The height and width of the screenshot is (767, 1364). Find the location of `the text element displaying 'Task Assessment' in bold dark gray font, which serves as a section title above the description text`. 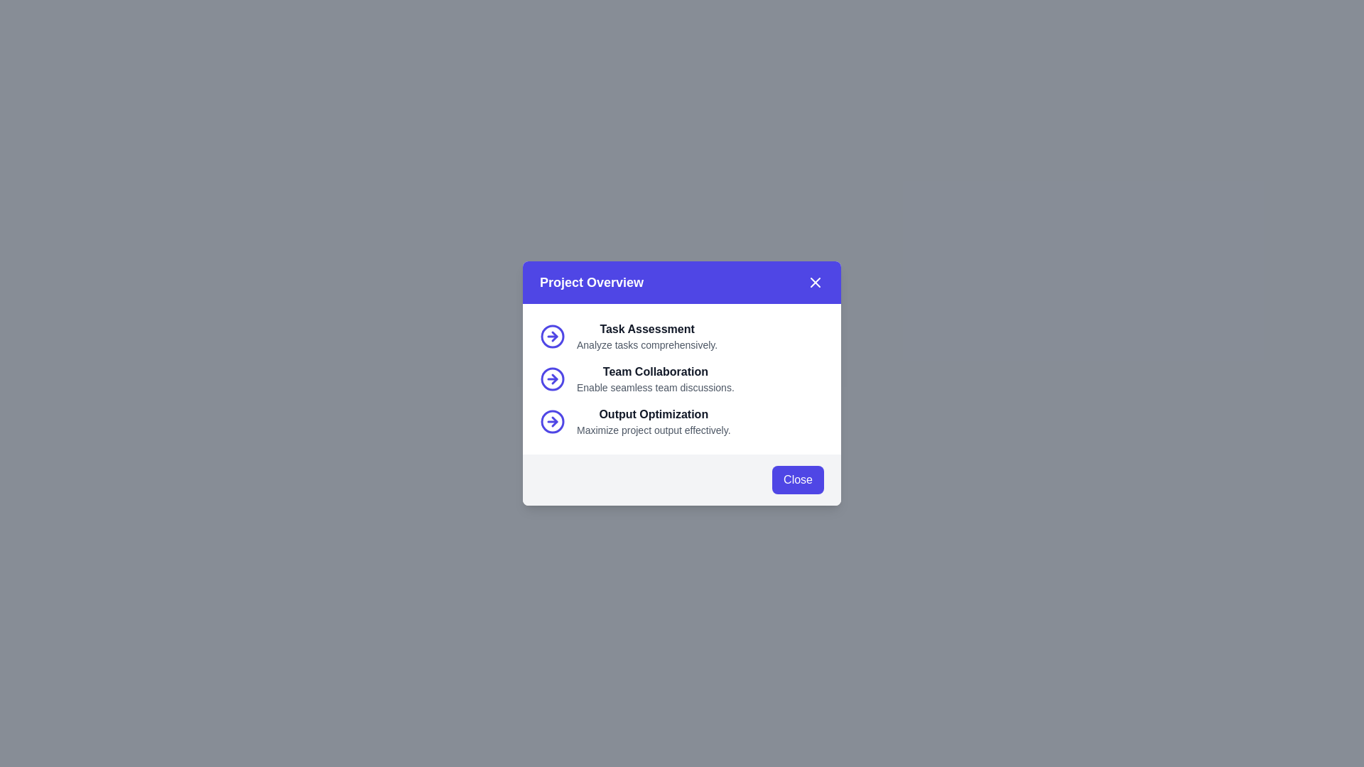

the text element displaying 'Task Assessment' in bold dark gray font, which serves as a section title above the description text is located at coordinates (646, 329).